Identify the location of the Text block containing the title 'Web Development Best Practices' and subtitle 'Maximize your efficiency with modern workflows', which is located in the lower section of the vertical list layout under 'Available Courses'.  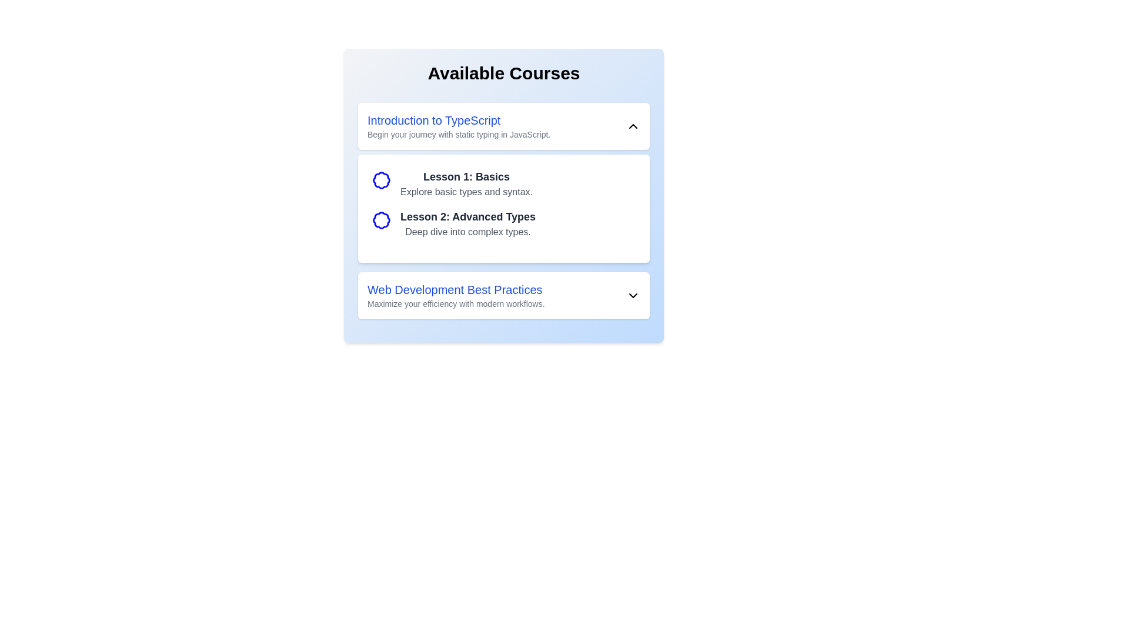
(455, 295).